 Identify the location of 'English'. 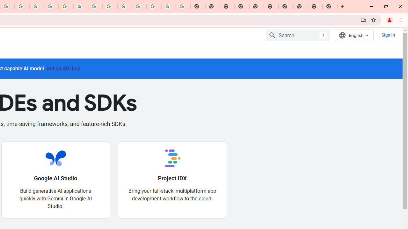
(354, 35).